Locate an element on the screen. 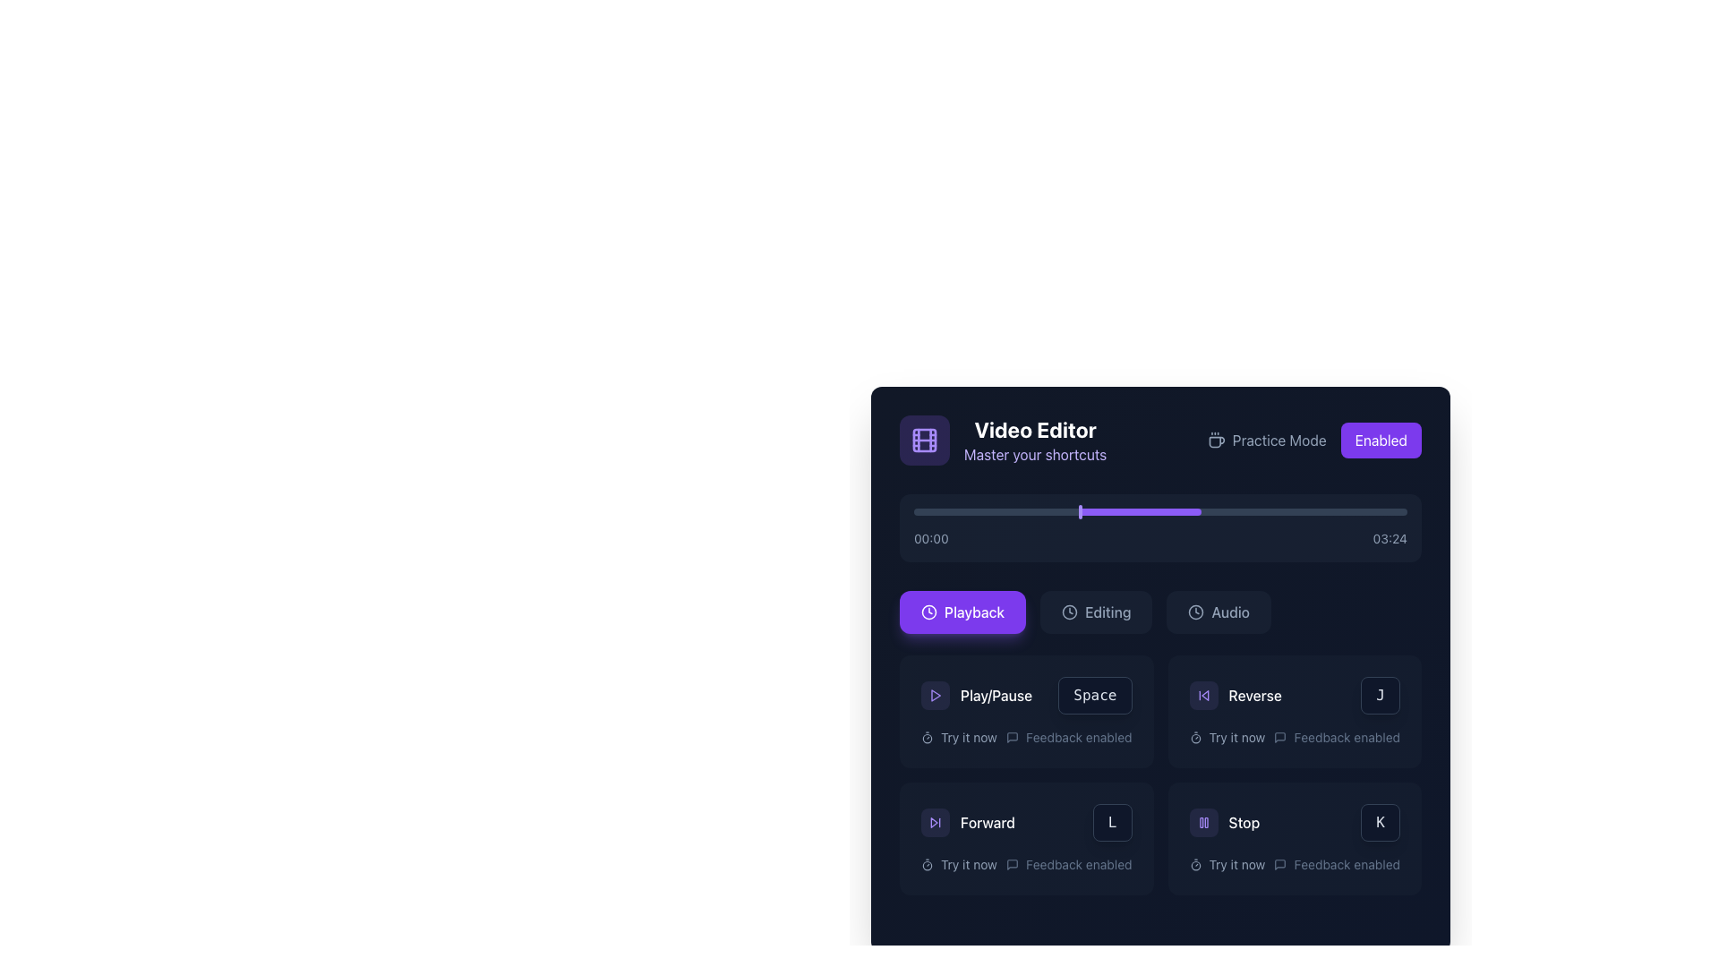 The width and height of the screenshot is (1719, 967). the 'Reverse' interactive card, which is the second card in the grid layout of control options is located at coordinates (1295, 710).